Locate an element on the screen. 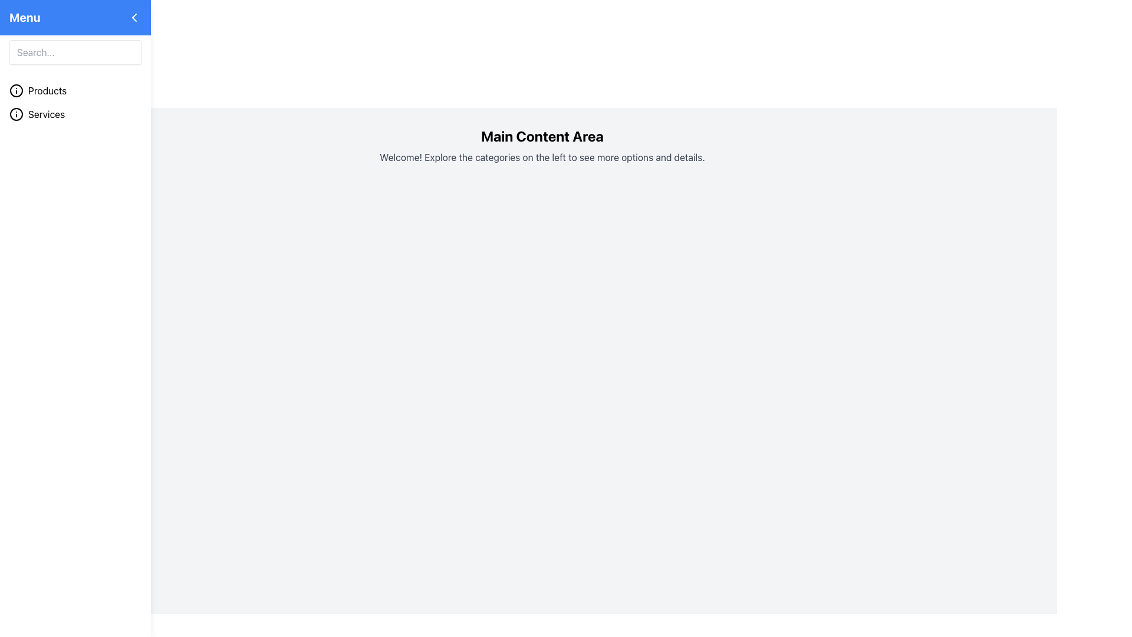 This screenshot has width=1132, height=637. the leftward pointing chevron icon in the Menu section is located at coordinates (134, 18).